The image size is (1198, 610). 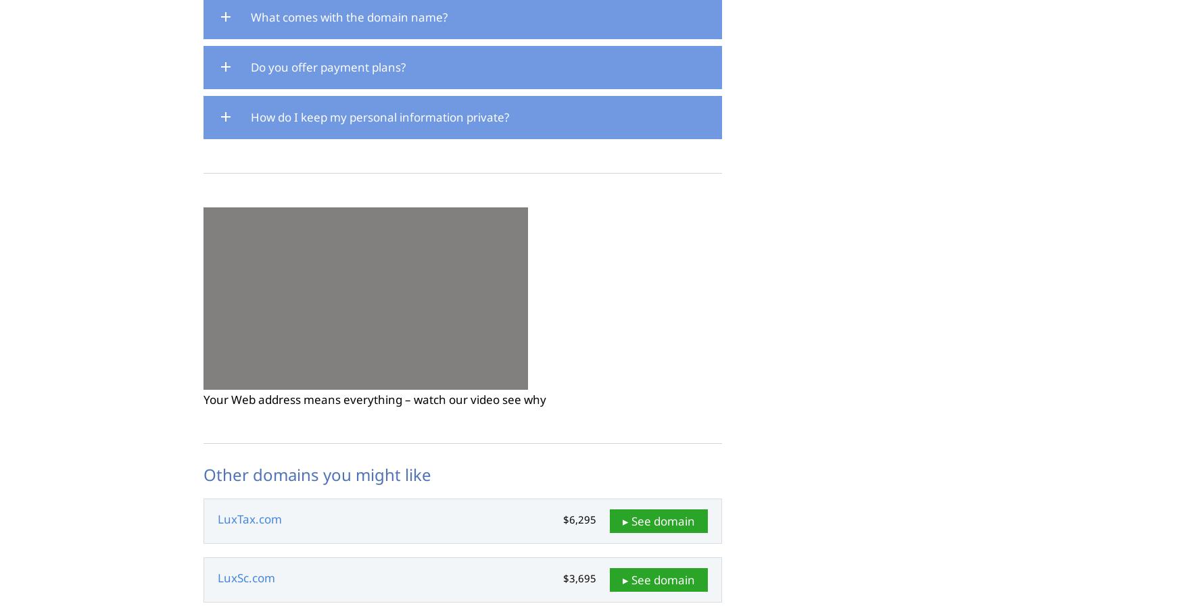 What do you see at coordinates (327, 67) in the screenshot?
I see `'Do you offer payment plans?'` at bounding box center [327, 67].